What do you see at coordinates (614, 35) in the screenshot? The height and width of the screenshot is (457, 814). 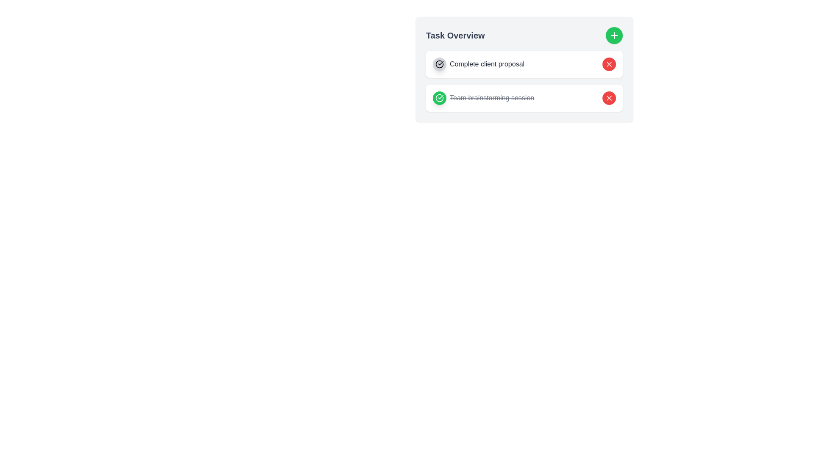 I see `the green circular button with a white plus symbol located at the top-right corner of the 'Task Overview' card` at bounding box center [614, 35].